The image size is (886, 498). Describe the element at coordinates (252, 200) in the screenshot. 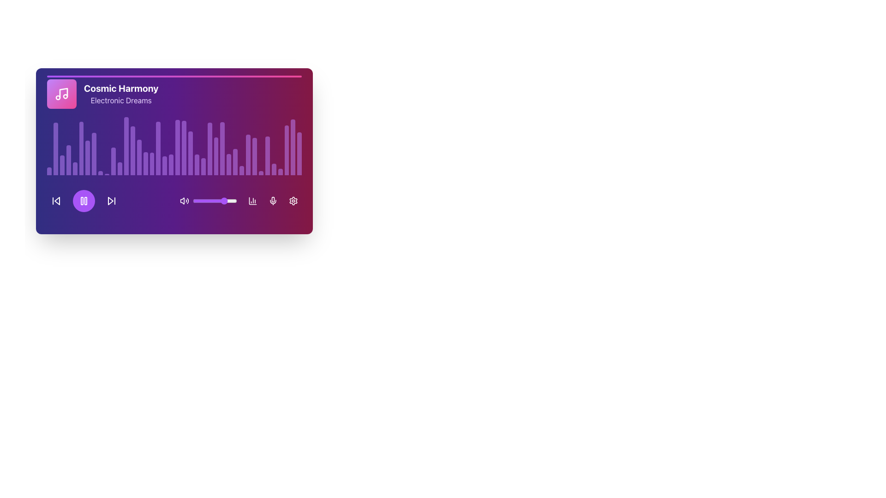

I see `the button icon for column chart visualization located at the bottom right section of the interface` at that location.